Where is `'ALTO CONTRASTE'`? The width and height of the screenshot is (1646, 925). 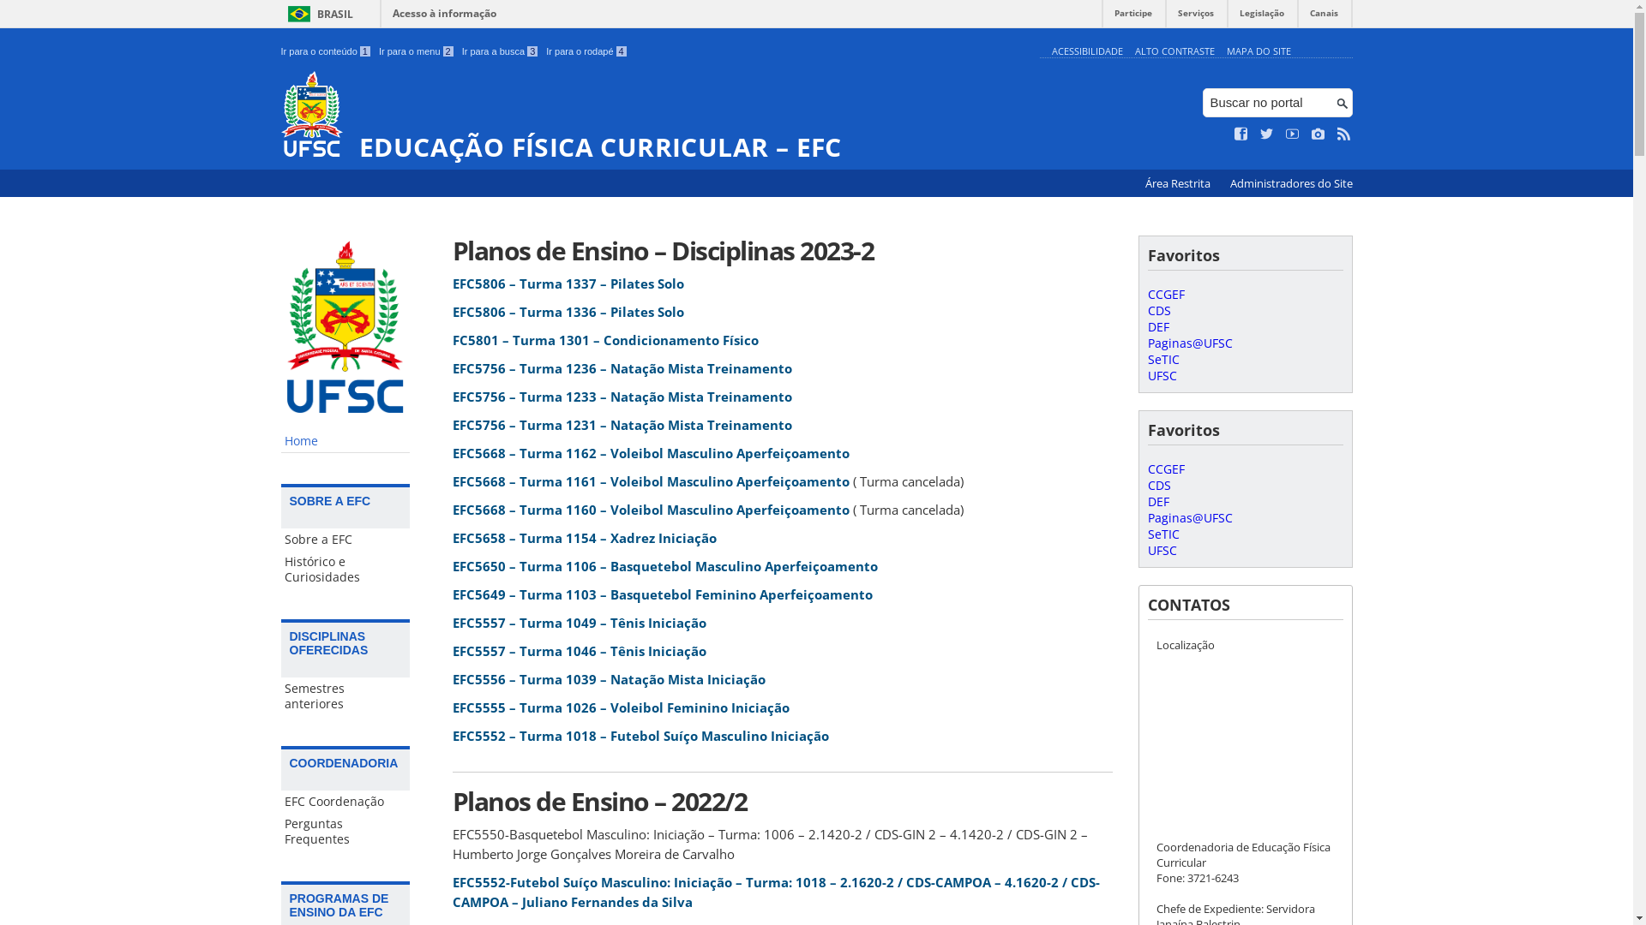 'ALTO CONTRASTE' is located at coordinates (1174, 50).